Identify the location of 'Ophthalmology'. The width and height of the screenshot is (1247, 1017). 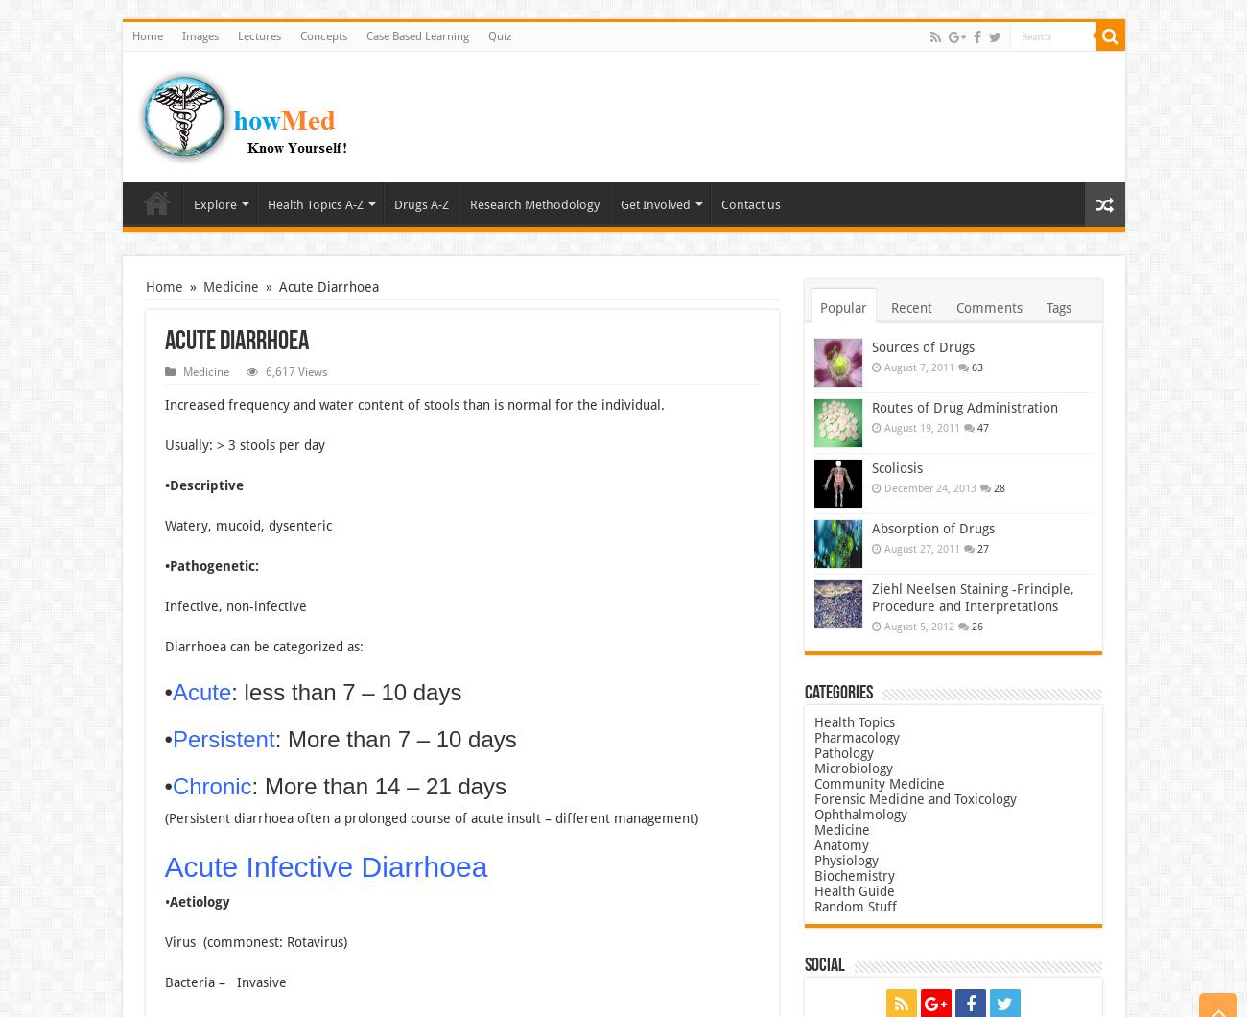
(859, 814).